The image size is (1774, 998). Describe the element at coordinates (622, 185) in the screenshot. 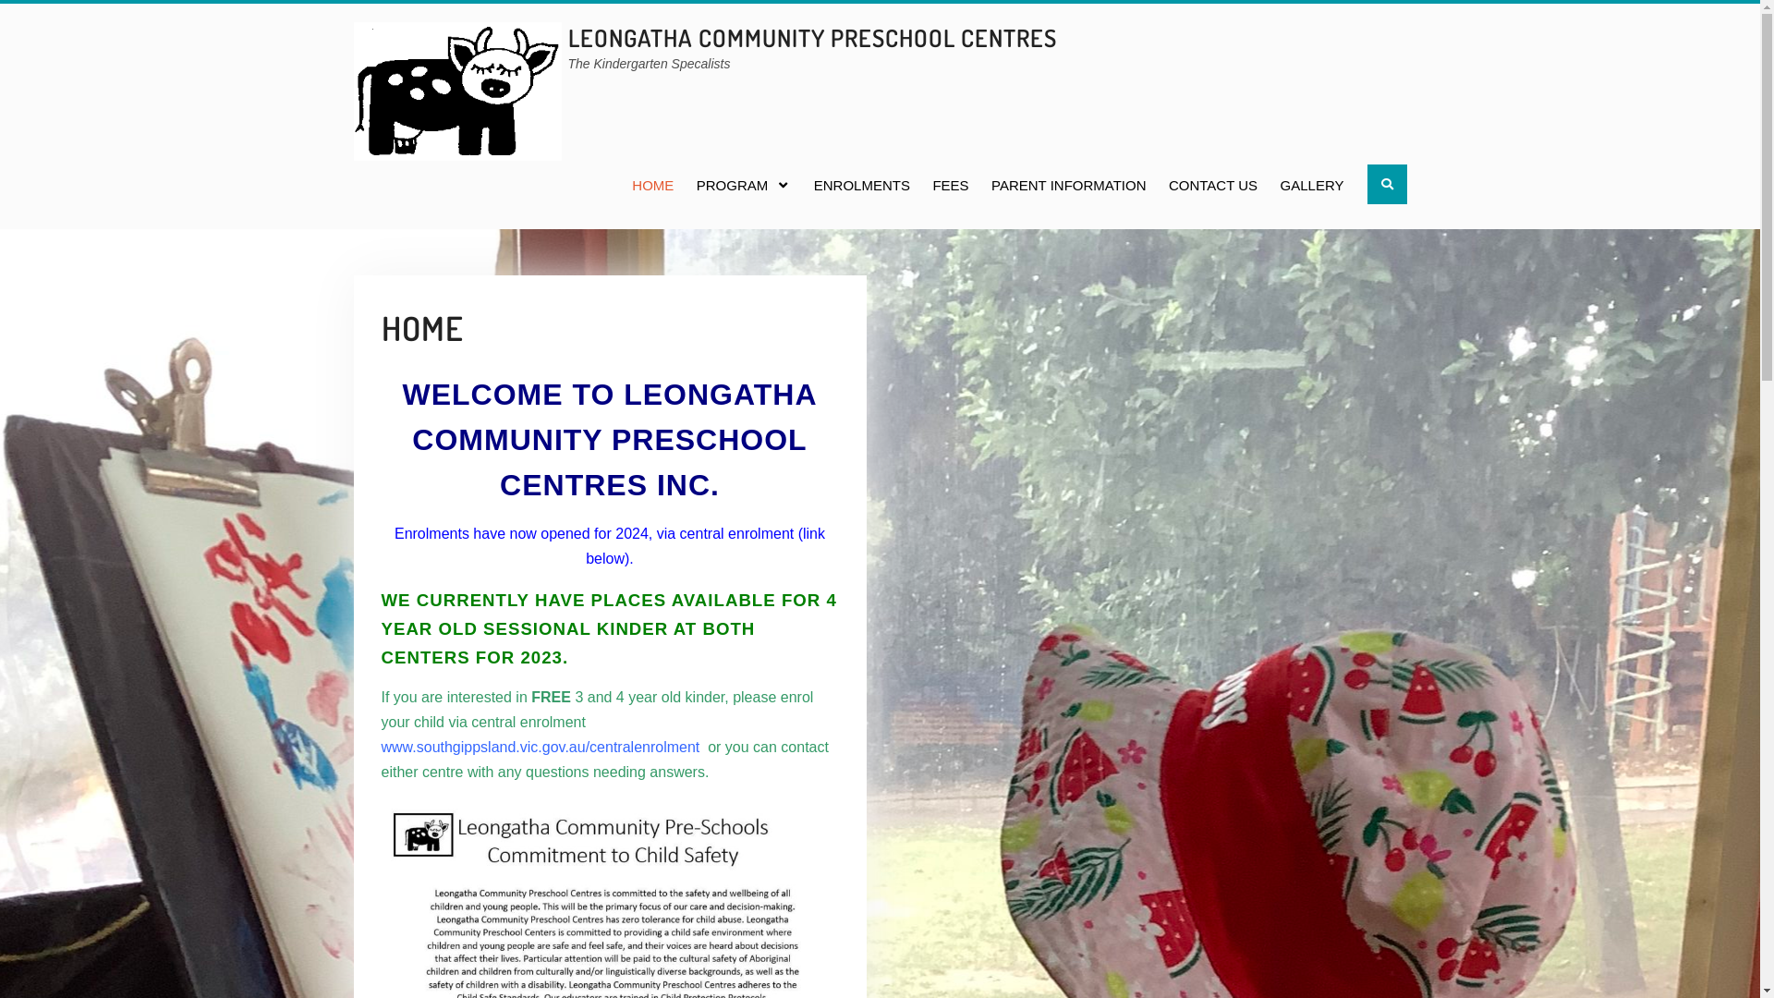

I see `'HOME'` at that location.